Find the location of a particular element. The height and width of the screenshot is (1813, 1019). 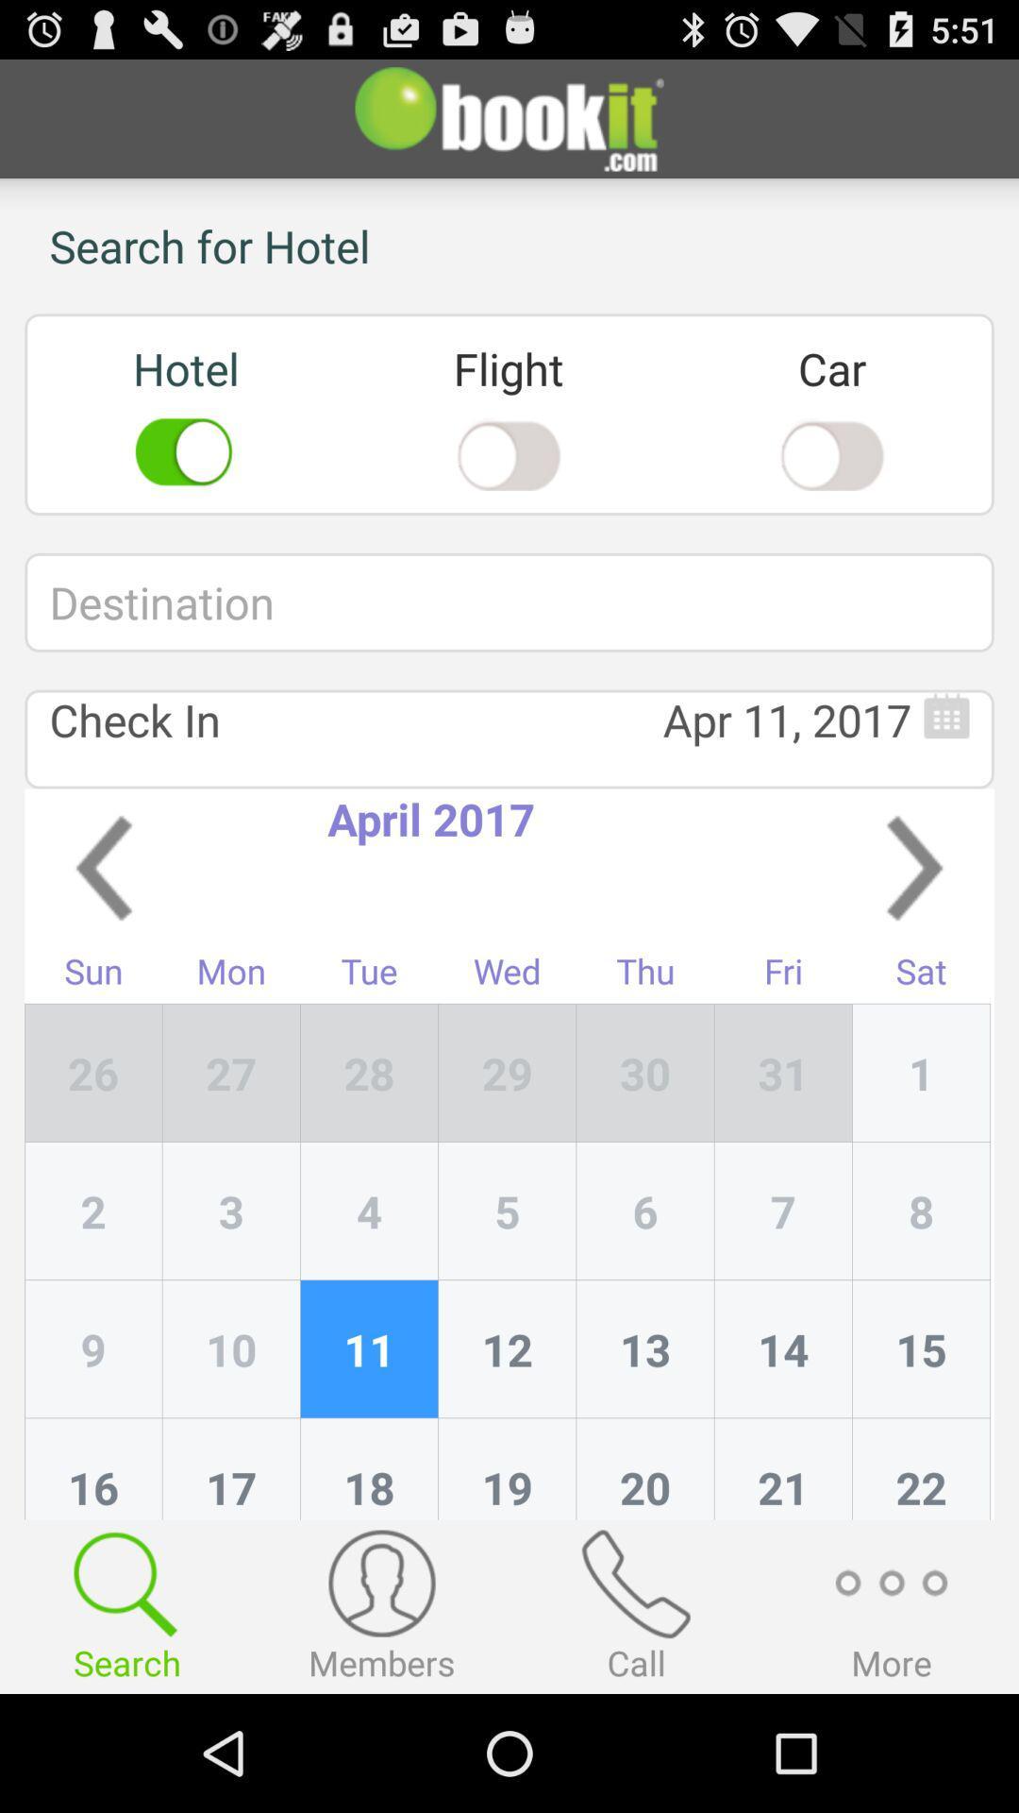

item next to the 7 is located at coordinates (920, 1348).